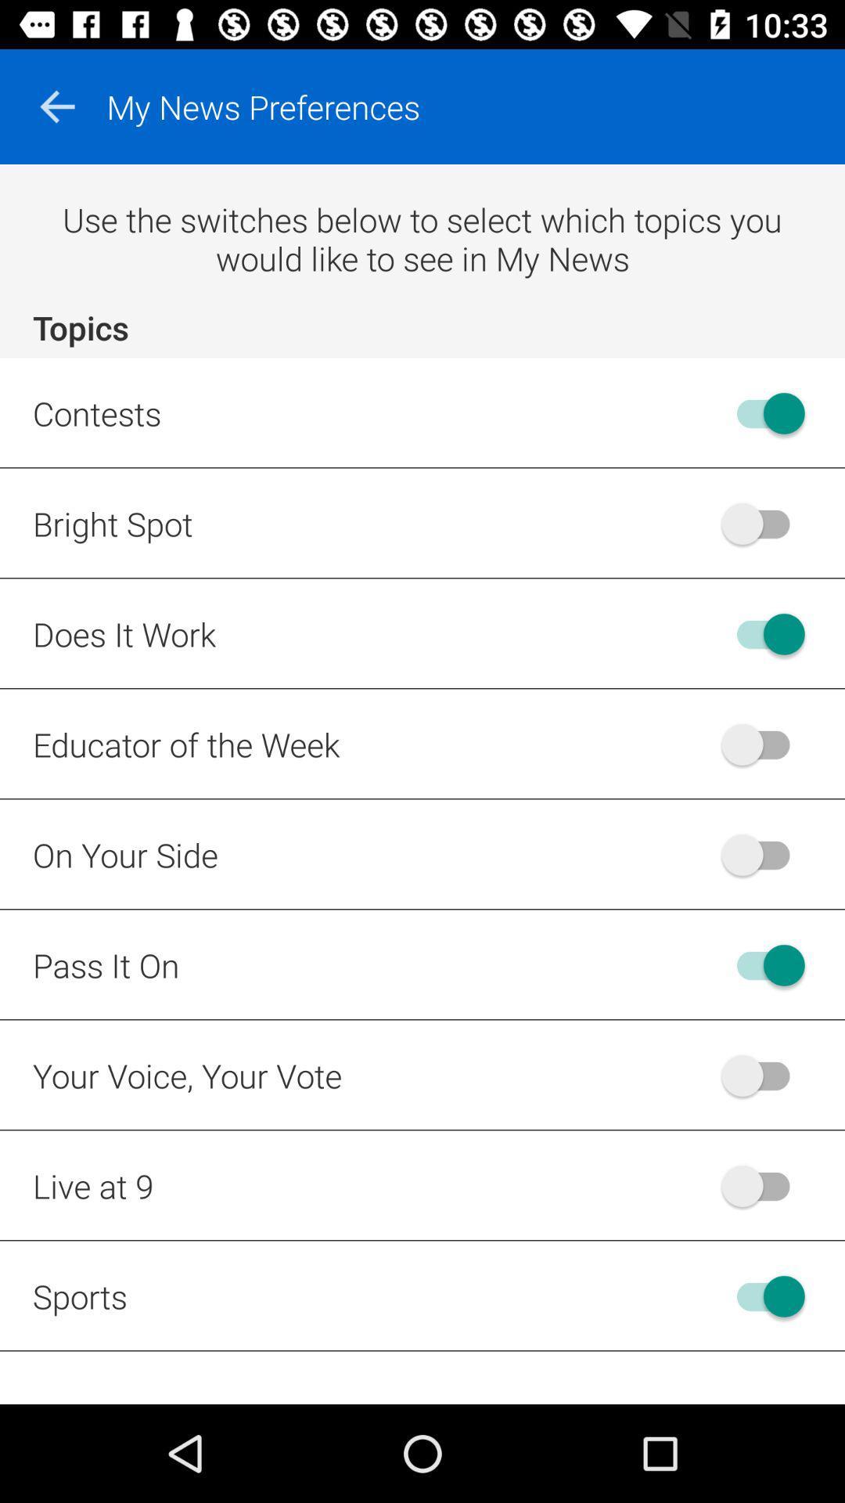  Describe the element at coordinates (56, 106) in the screenshot. I see `the item next to my news preferences` at that location.